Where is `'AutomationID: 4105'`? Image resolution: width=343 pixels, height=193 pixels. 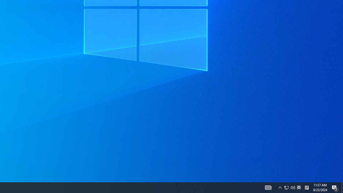
'AutomationID: 4105' is located at coordinates (280, 187).